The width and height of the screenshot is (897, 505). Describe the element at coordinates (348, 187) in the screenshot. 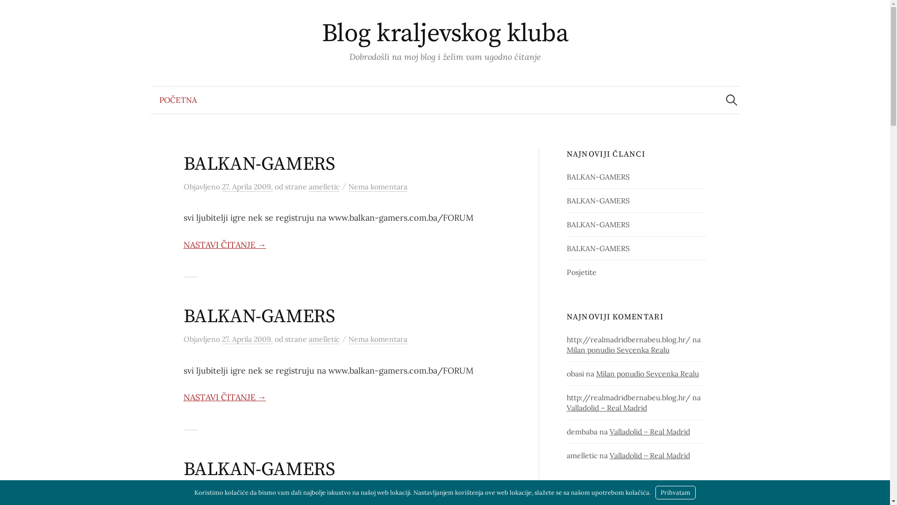

I see `'Nema komentara` at that location.